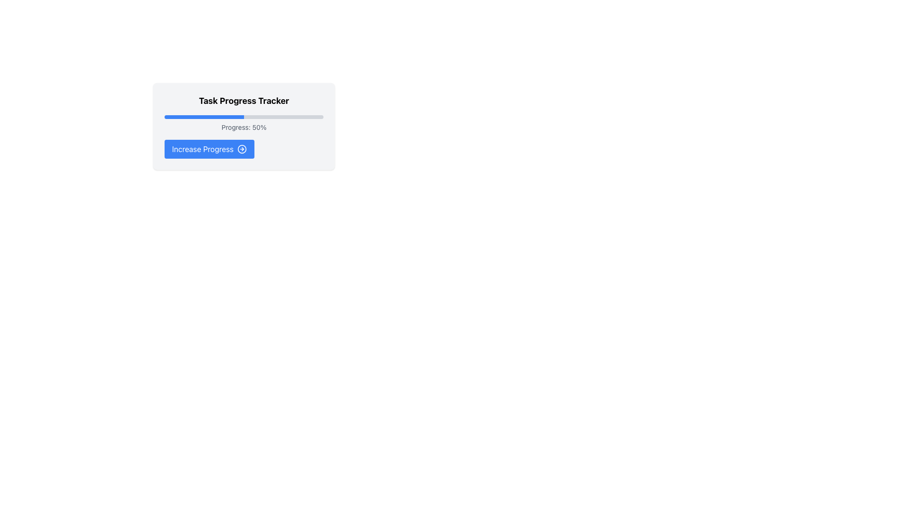  Describe the element at coordinates (244, 127) in the screenshot. I see `the static text element displaying 'Progress: 50%' which is located within the 'Task Progress Tracker' card, positioned below the blue progress bar and above the 'Increase Progress' button` at that location.